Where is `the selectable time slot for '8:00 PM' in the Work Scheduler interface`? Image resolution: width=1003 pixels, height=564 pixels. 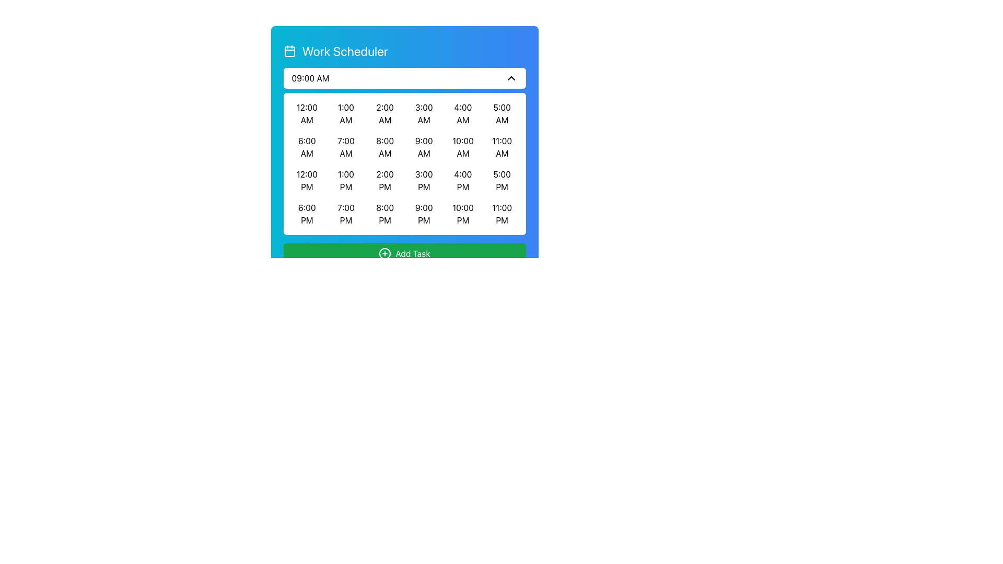
the selectable time slot for '8:00 PM' in the Work Scheduler interface is located at coordinates (384, 213).